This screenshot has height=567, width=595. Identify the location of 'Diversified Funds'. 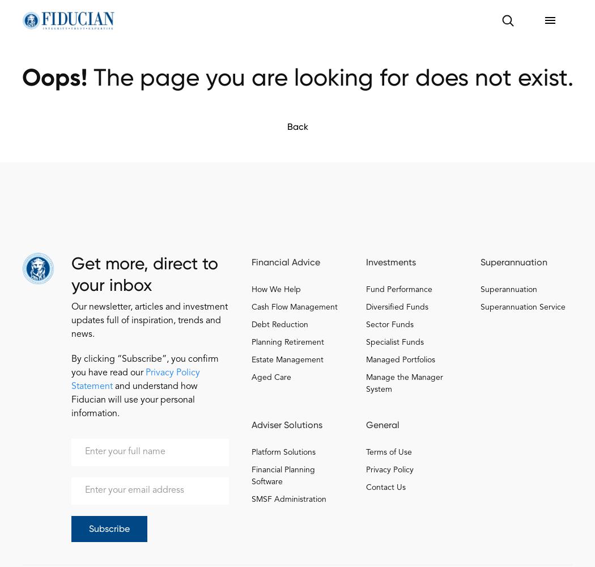
(397, 307).